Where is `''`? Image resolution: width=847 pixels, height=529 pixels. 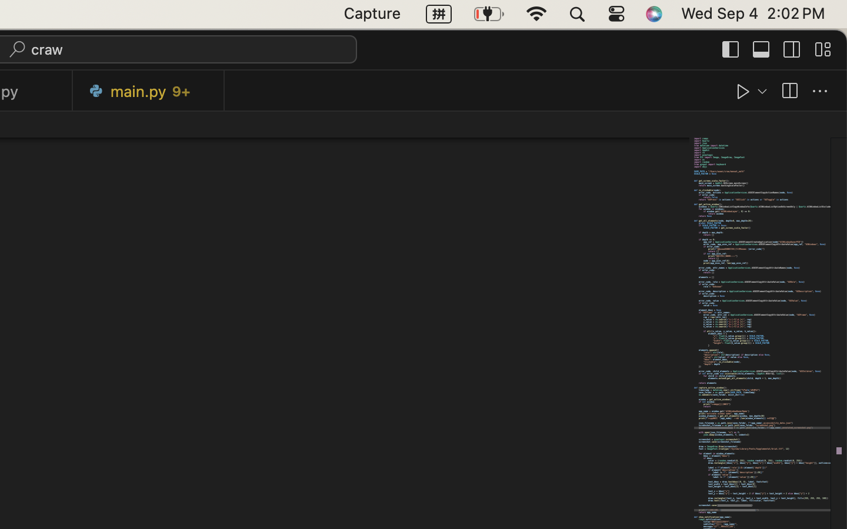 '' is located at coordinates (788, 91).